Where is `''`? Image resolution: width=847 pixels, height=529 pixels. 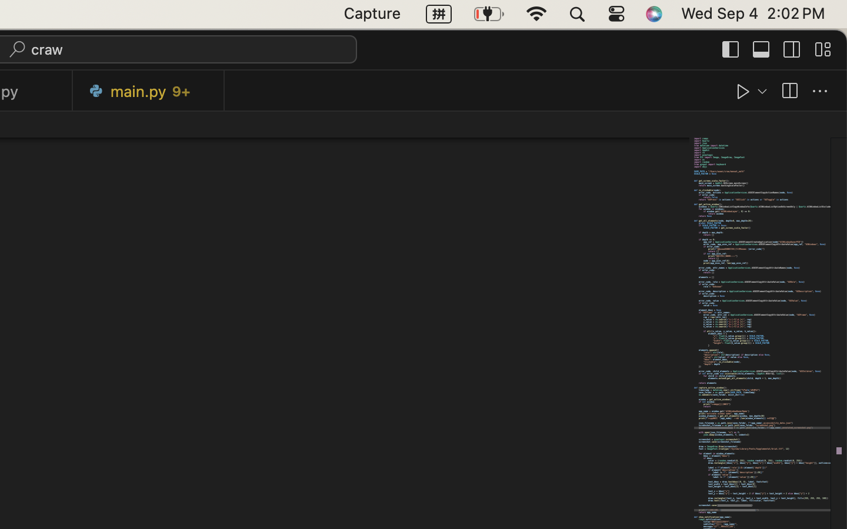 '' is located at coordinates (788, 91).